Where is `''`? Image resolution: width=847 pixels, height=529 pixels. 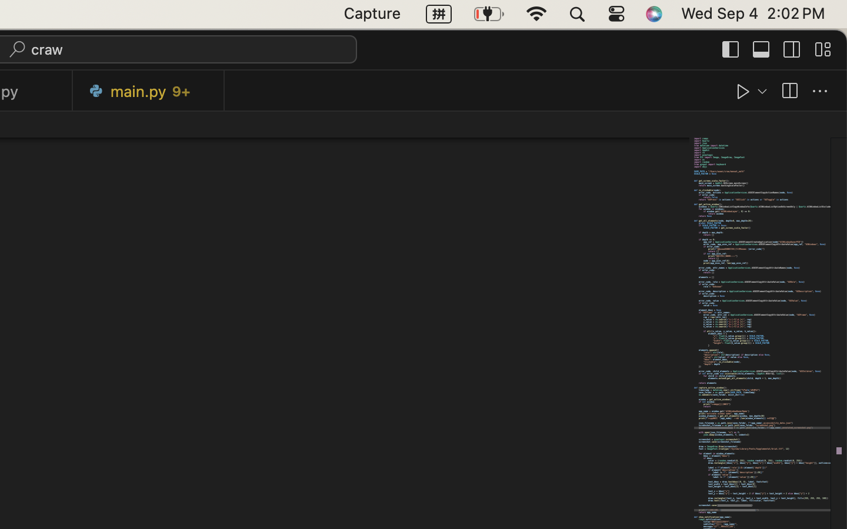 '' is located at coordinates (788, 91).